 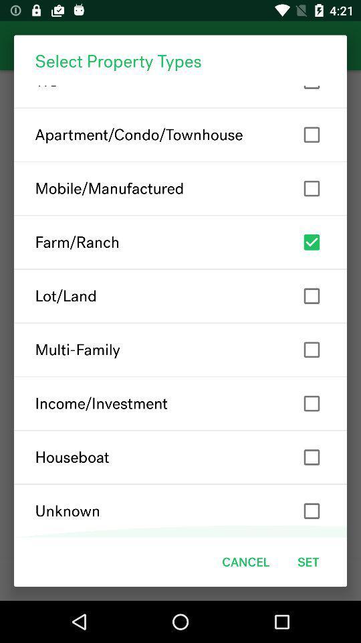 I want to click on the item below the multi-family item, so click(x=180, y=403).